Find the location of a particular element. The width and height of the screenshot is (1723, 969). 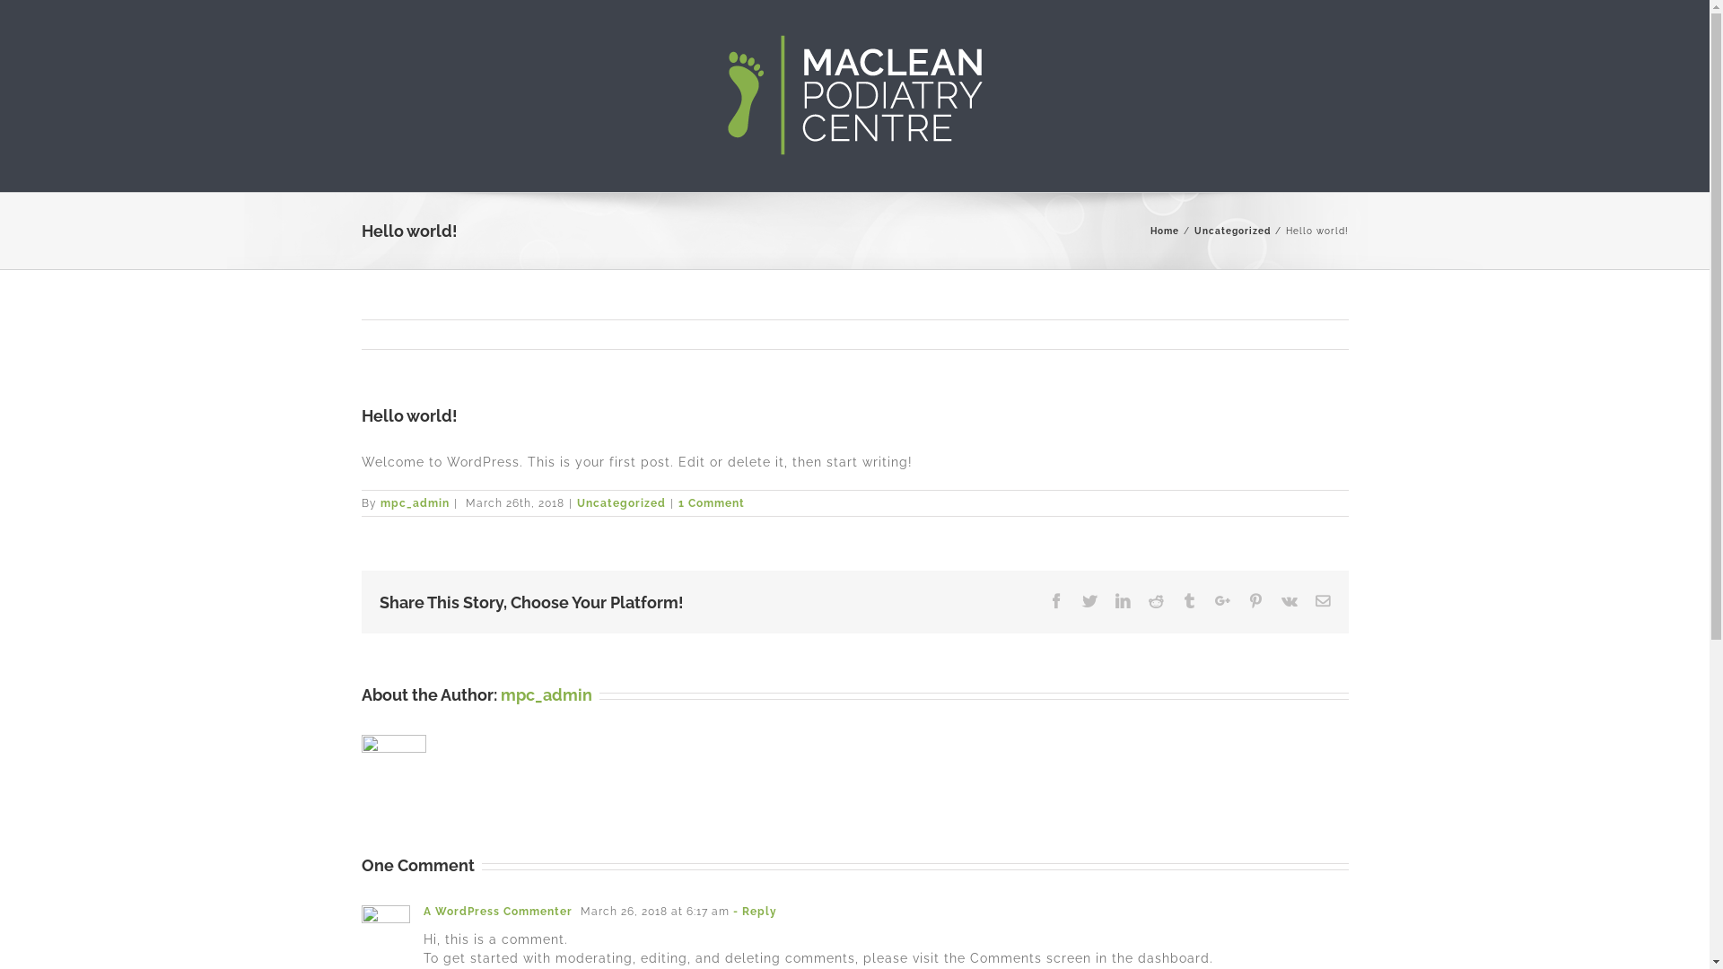

'mpc_admin' is located at coordinates (414, 502).